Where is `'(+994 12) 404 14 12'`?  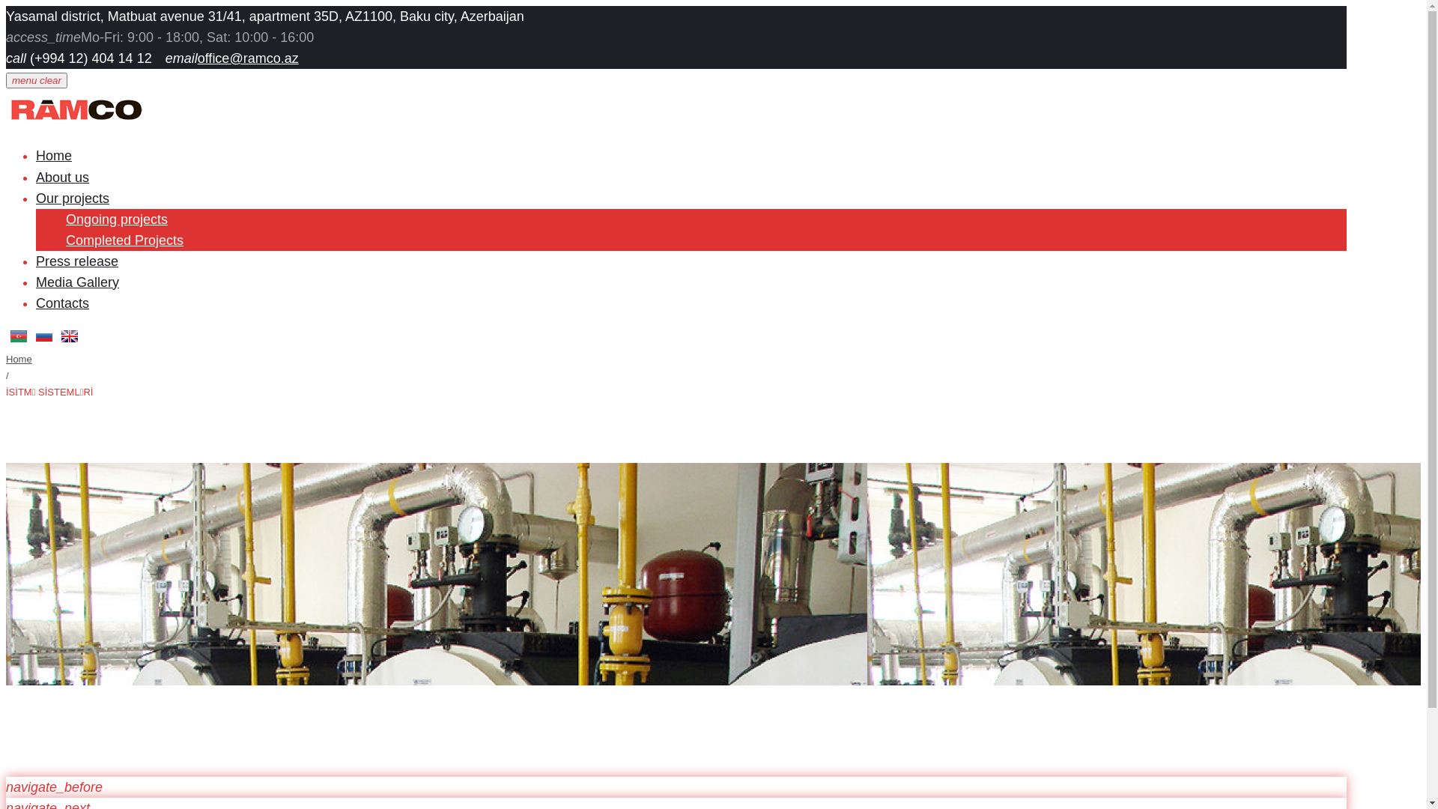
'(+994 12) 404 14 12' is located at coordinates (88, 57).